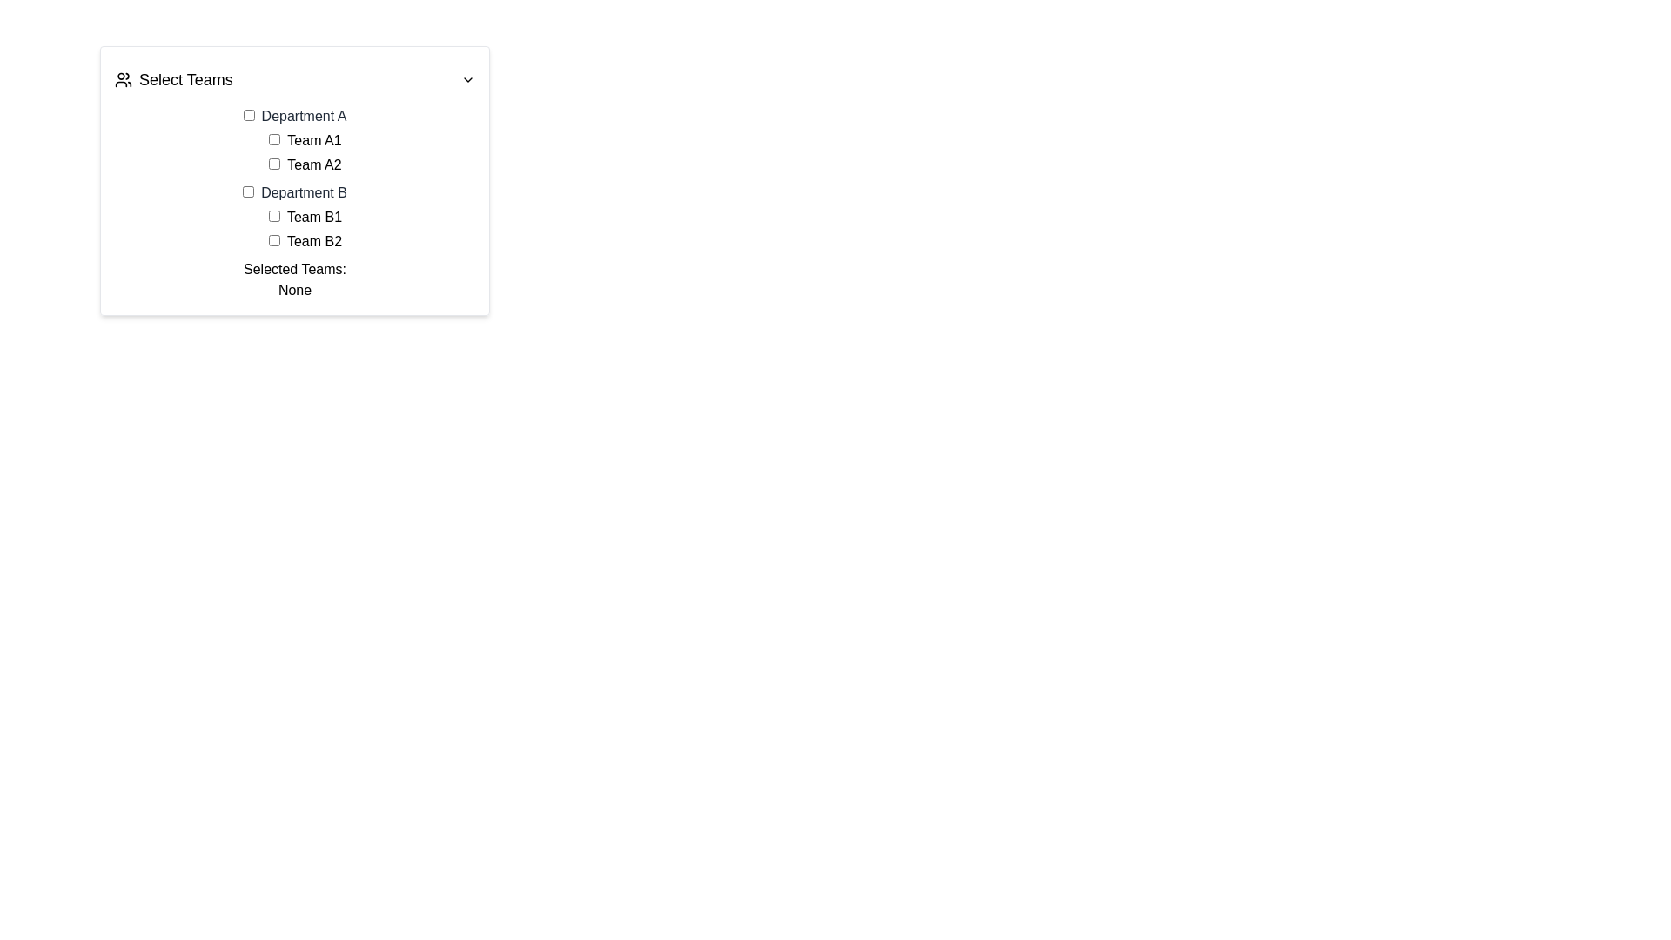 The image size is (1671, 940). What do you see at coordinates (273, 240) in the screenshot?
I see `the checkbox associated with 'Team B2'` at bounding box center [273, 240].